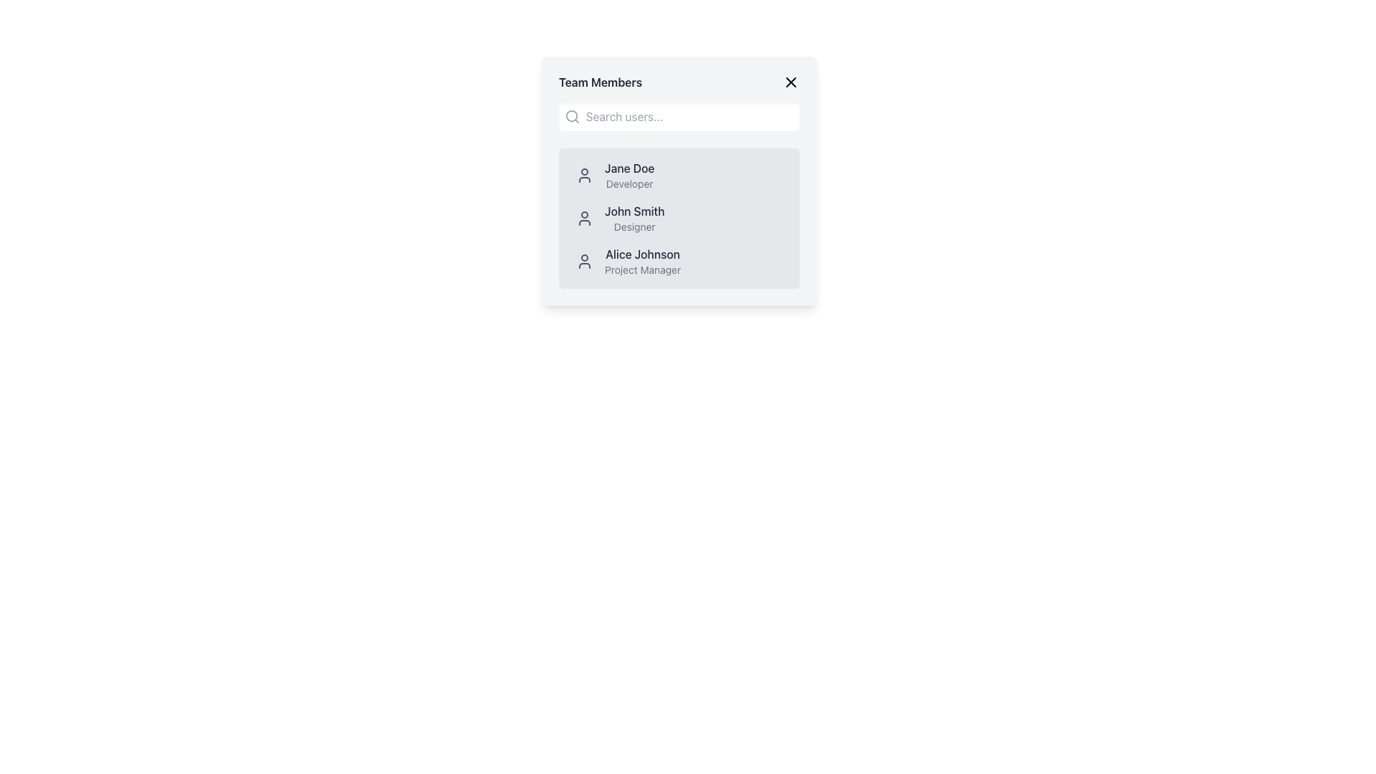  I want to click on the text block displaying 'Alice Johnson, Project Manager' in the user list of 'Team Members', so click(642, 262).